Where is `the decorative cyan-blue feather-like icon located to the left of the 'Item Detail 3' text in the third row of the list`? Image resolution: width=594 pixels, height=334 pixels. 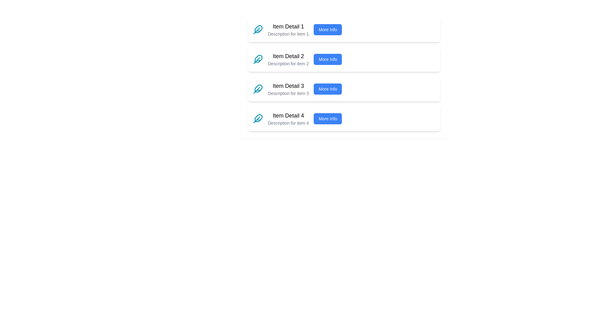
the decorative cyan-blue feather-like icon located to the left of the 'Item Detail 3' text in the third row of the list is located at coordinates (258, 88).